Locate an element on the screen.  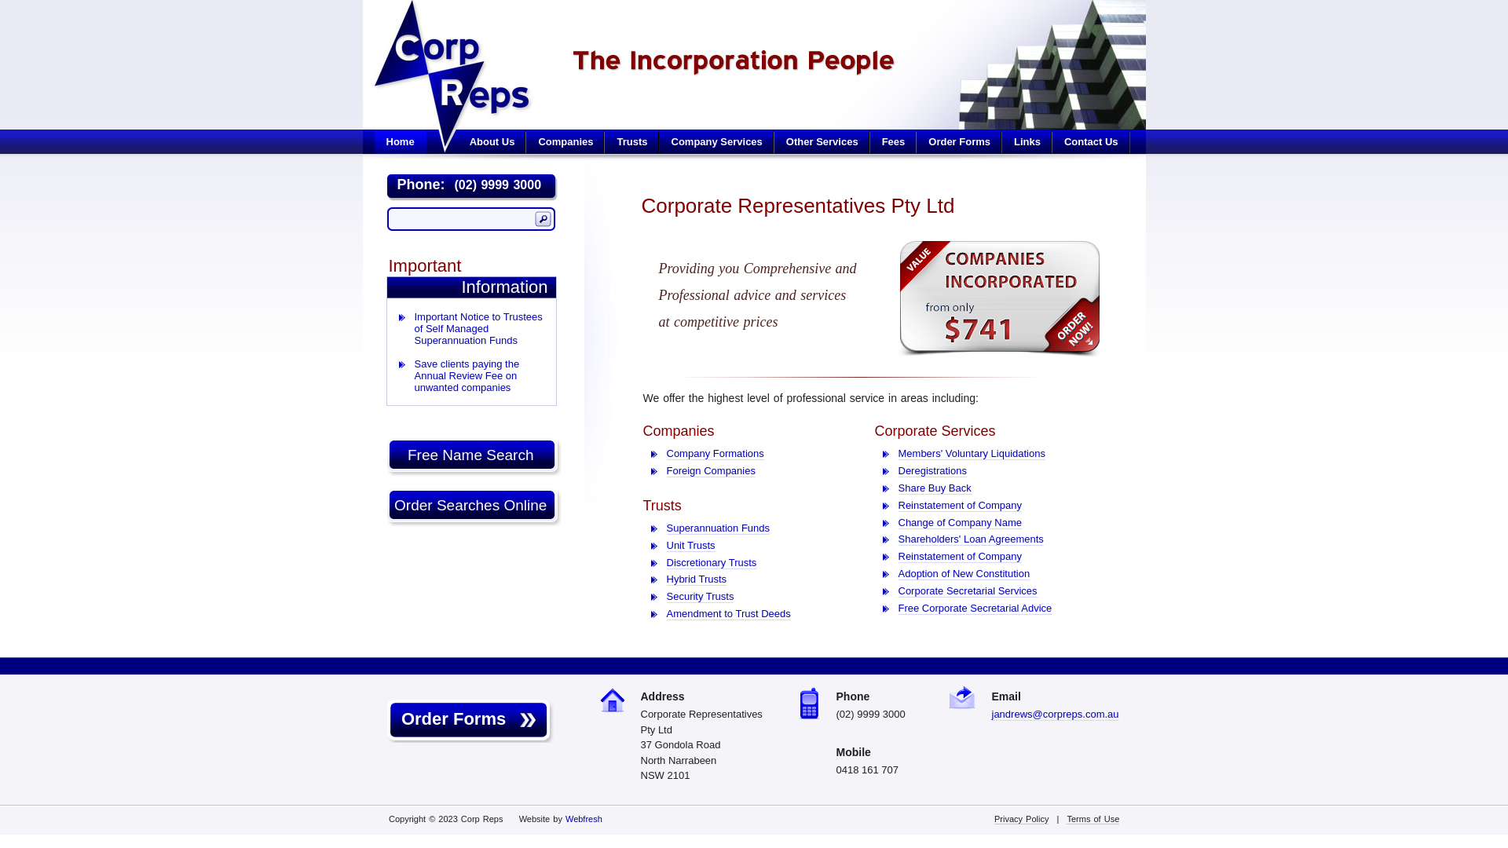
'Contact Us' is located at coordinates (1090, 141).